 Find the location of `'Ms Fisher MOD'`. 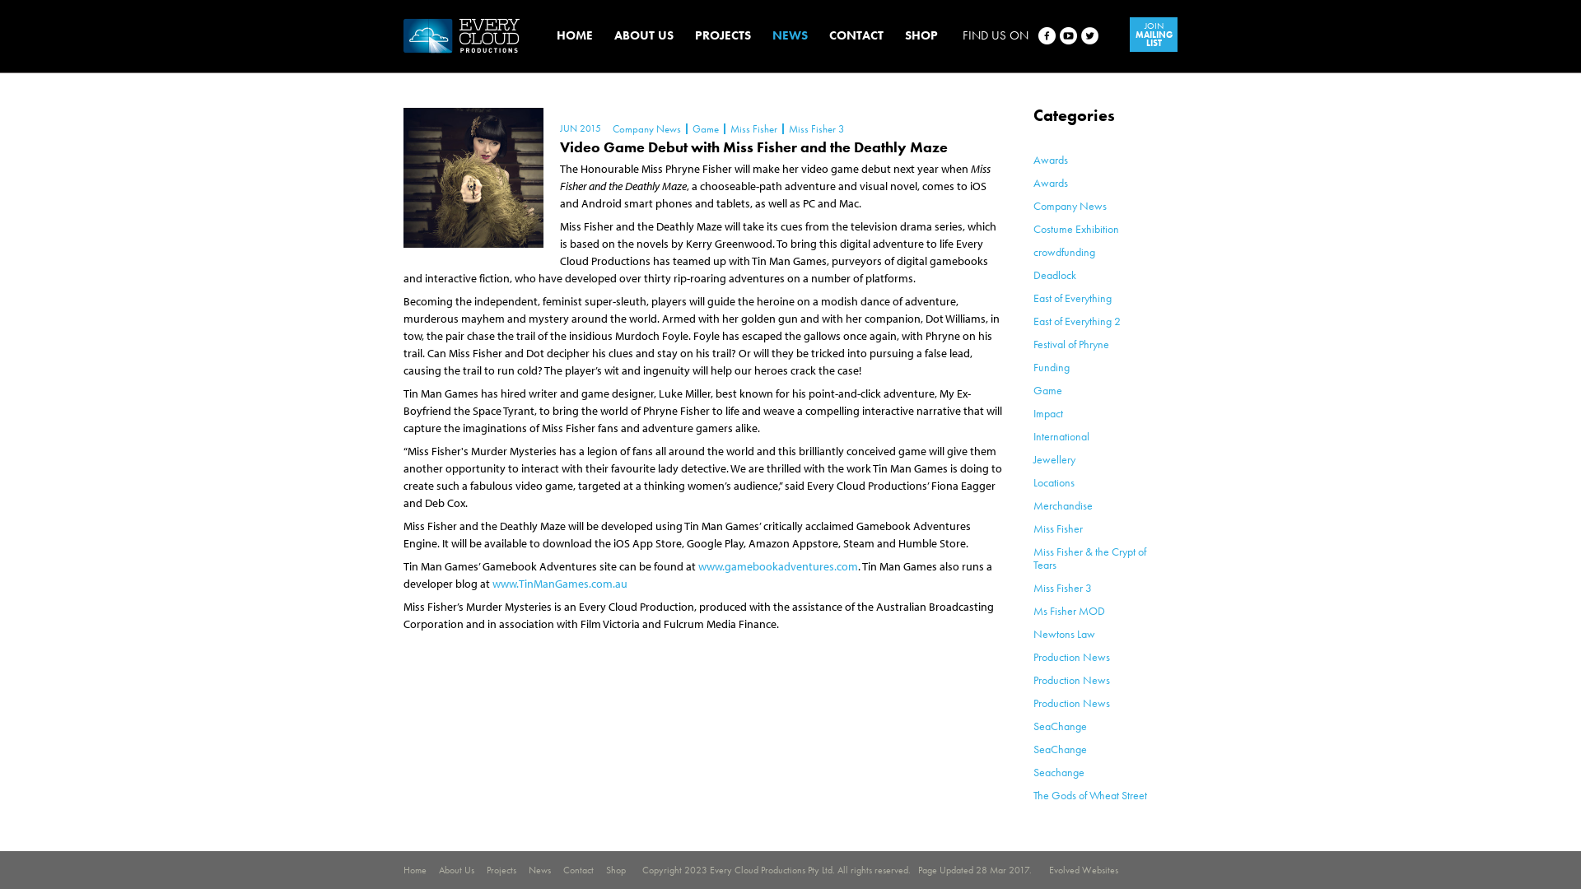

'Ms Fisher MOD' is located at coordinates (1069, 610).